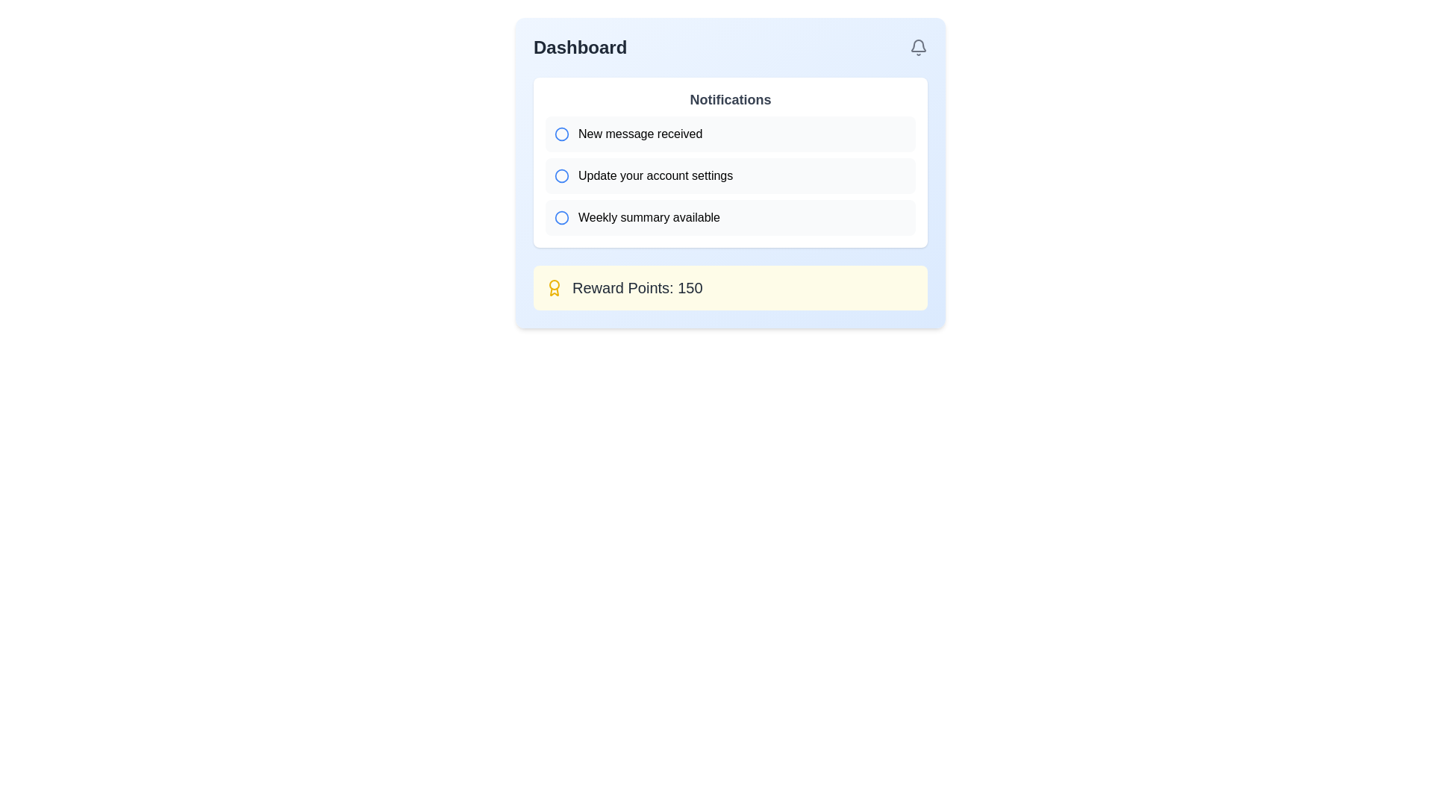 This screenshot has height=806, width=1433. What do you see at coordinates (731, 287) in the screenshot?
I see `the informational panel displaying reward points, which shows a count of 150 and is located in the lower section of the Dashboard card` at bounding box center [731, 287].